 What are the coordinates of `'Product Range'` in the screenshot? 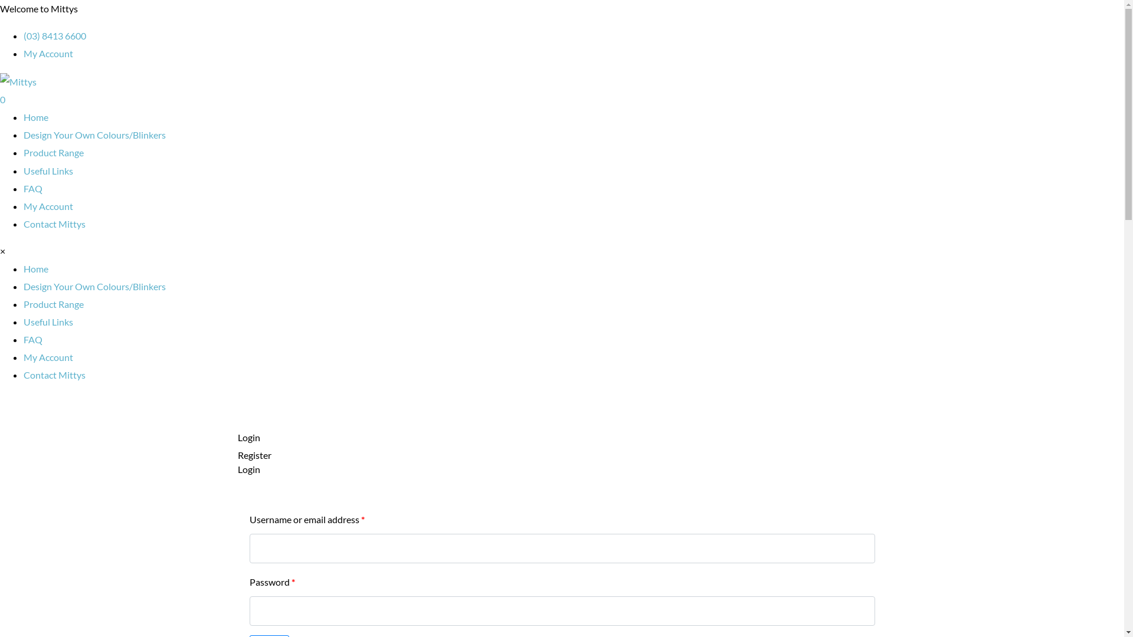 It's located at (53, 303).